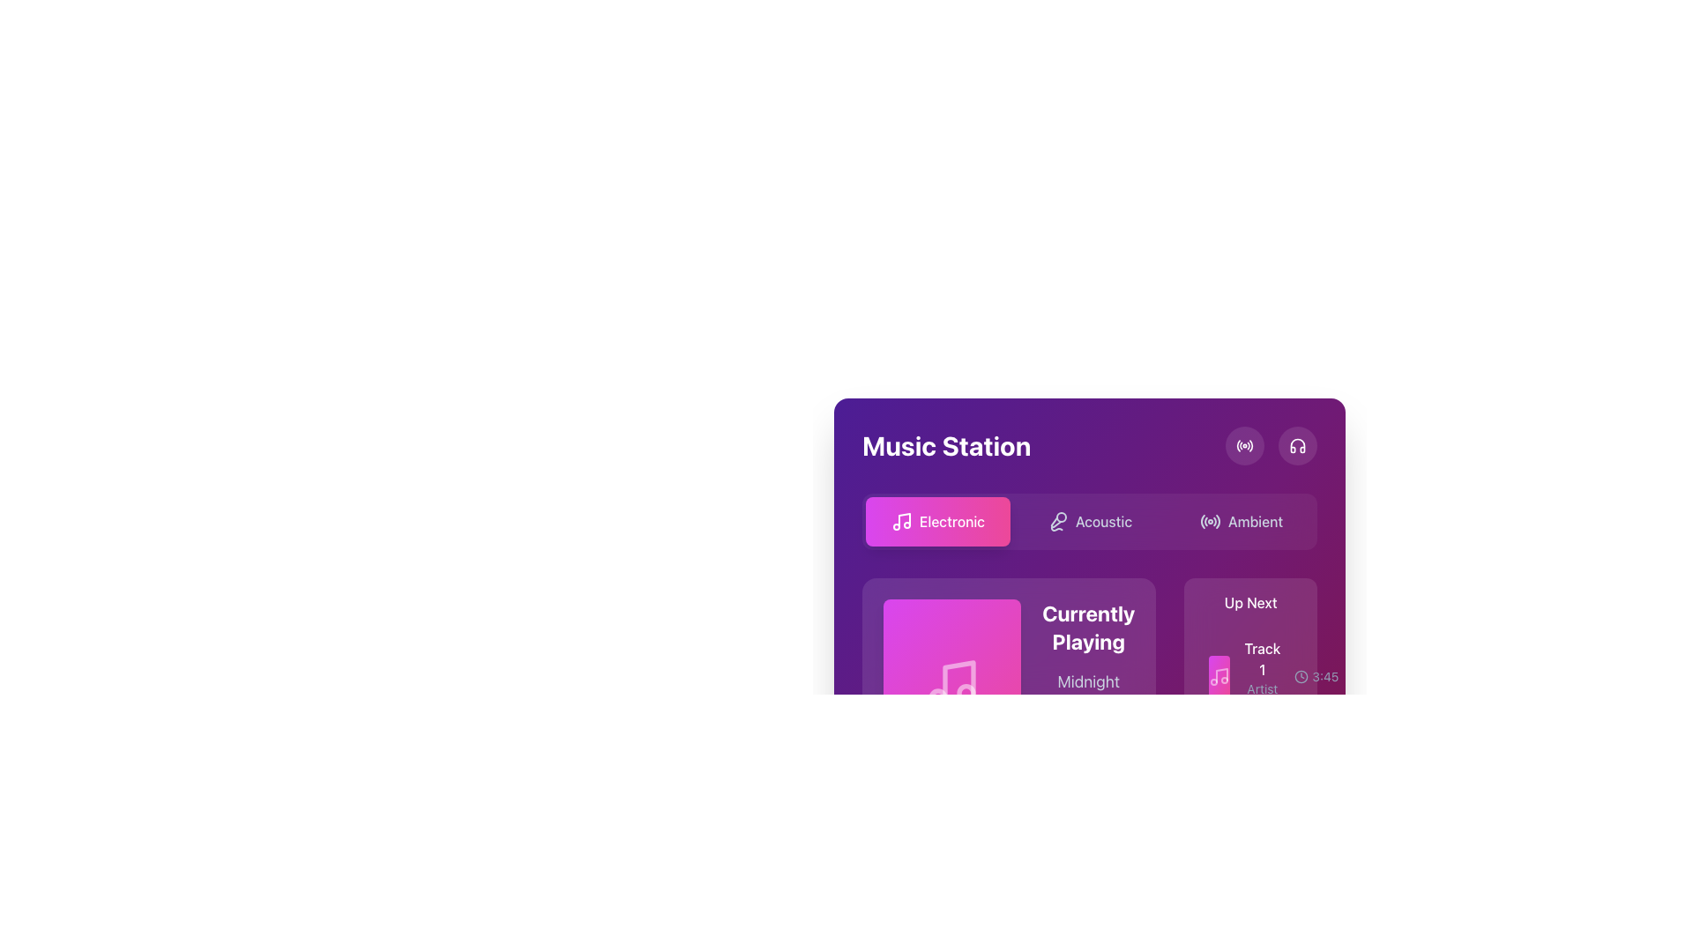 This screenshot has height=952, width=1693. Describe the element at coordinates (1298, 444) in the screenshot. I see `the circular button with a white headphone icon on a purple background, located at the top-right corner of the music application interface, for additional options` at that location.